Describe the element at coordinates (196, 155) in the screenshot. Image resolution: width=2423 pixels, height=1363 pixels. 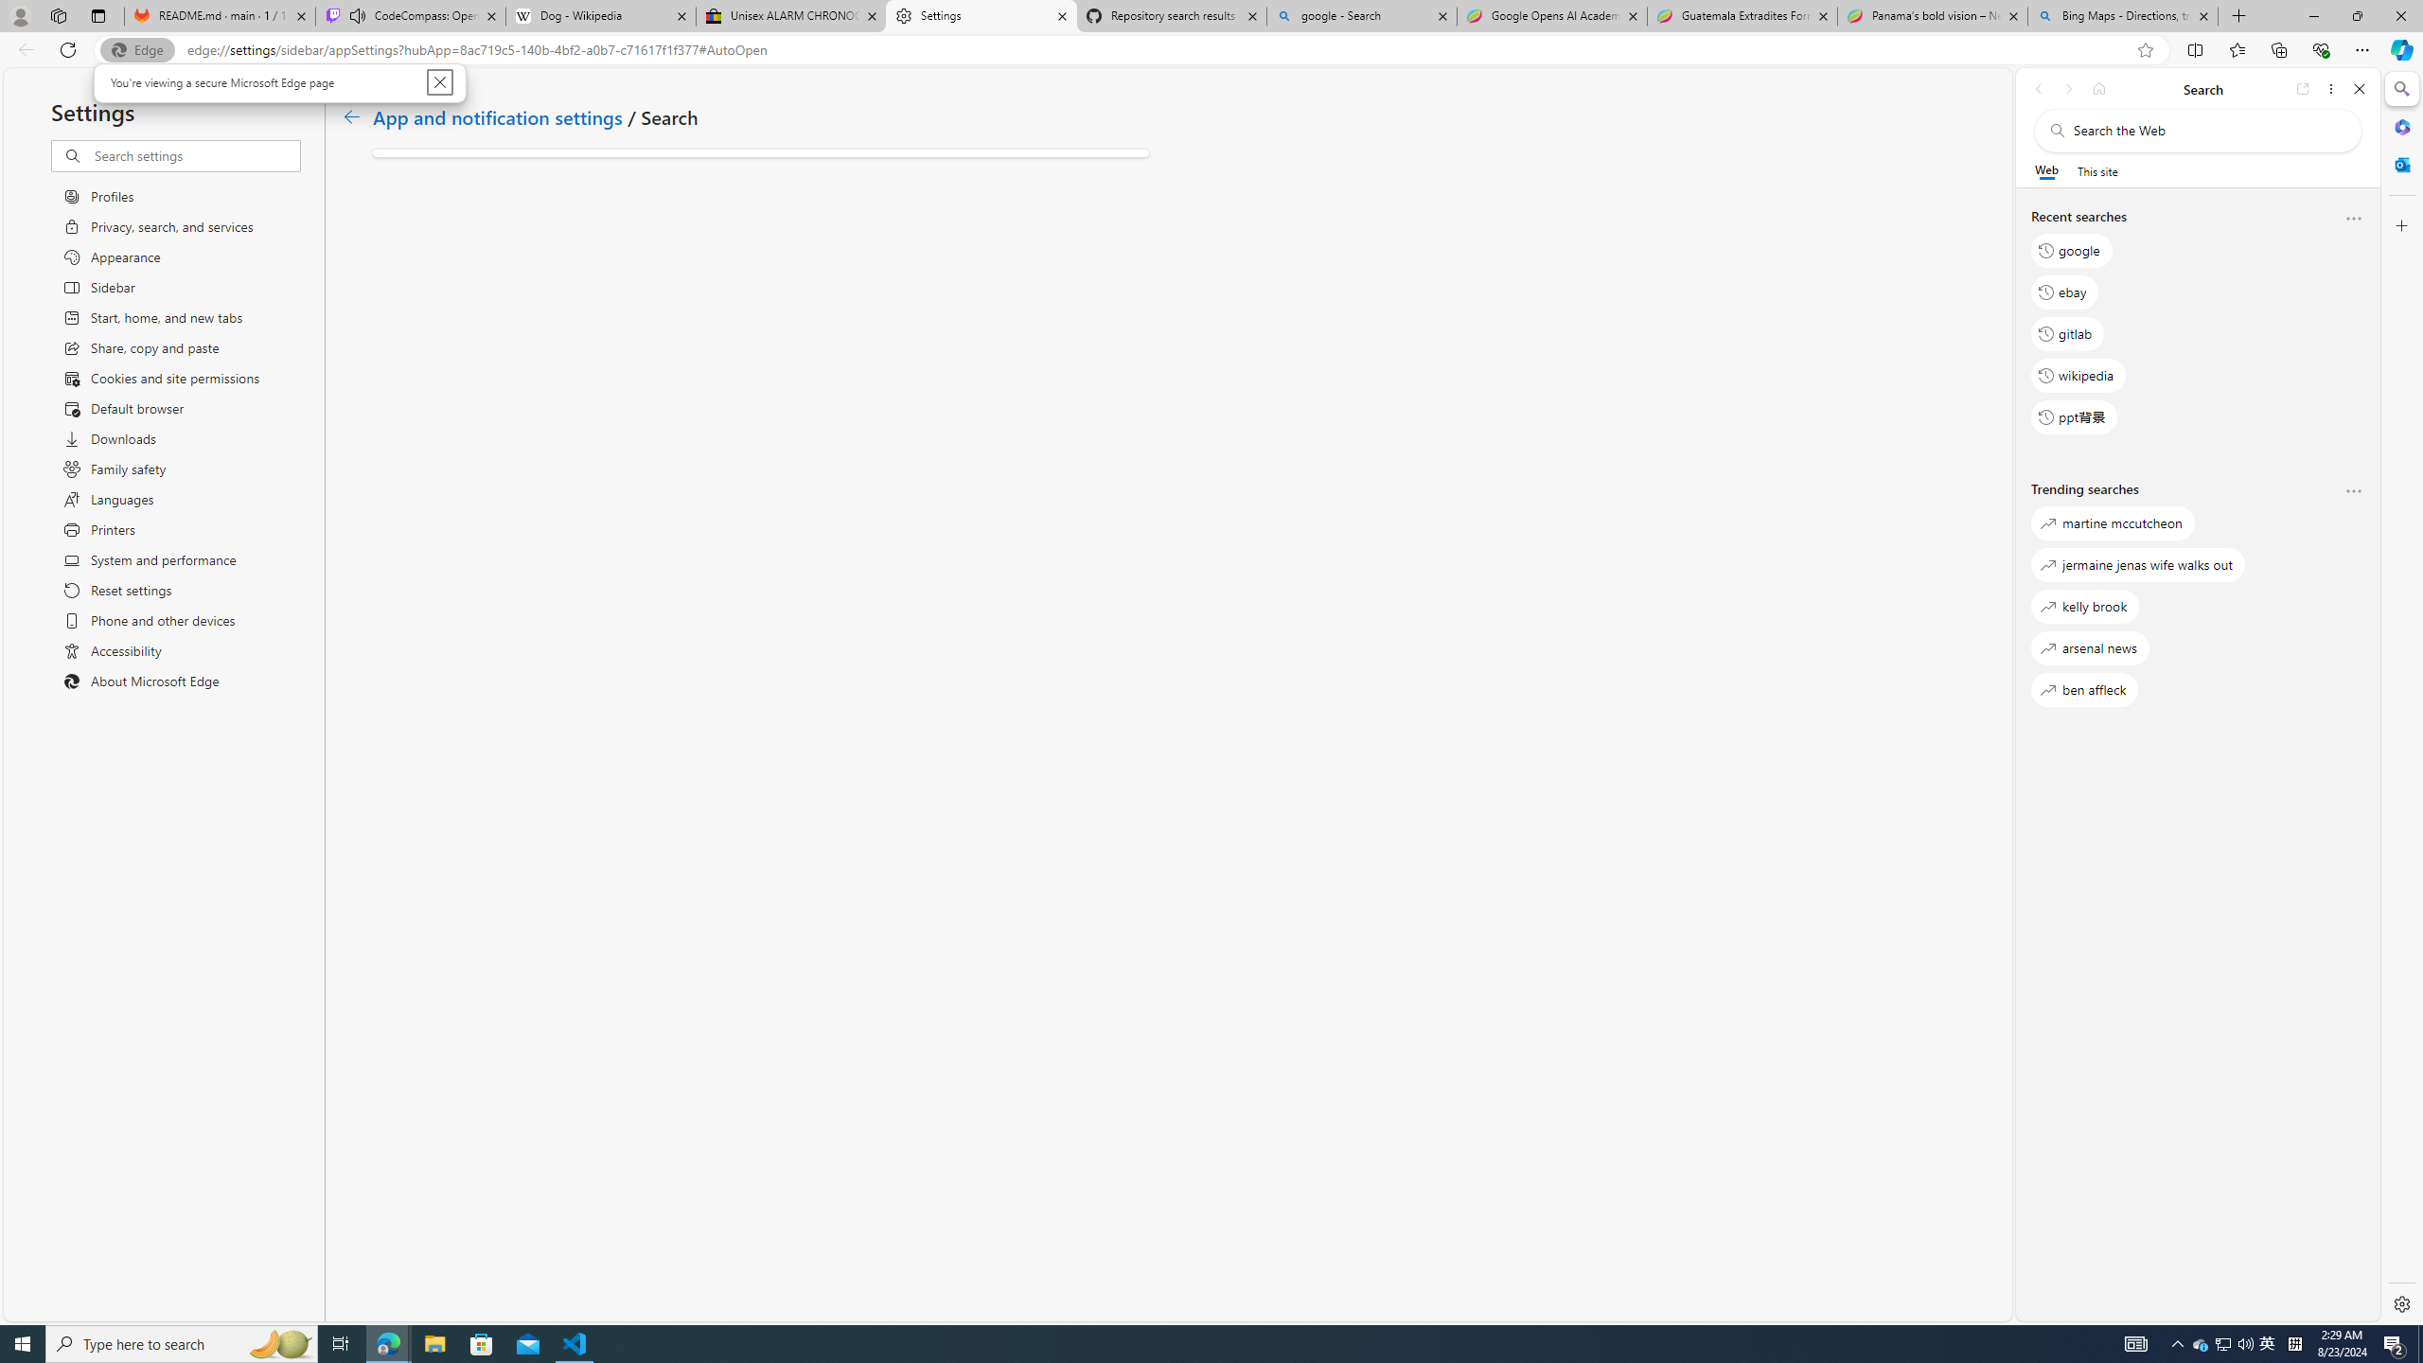
I see `'Search settings'` at that location.